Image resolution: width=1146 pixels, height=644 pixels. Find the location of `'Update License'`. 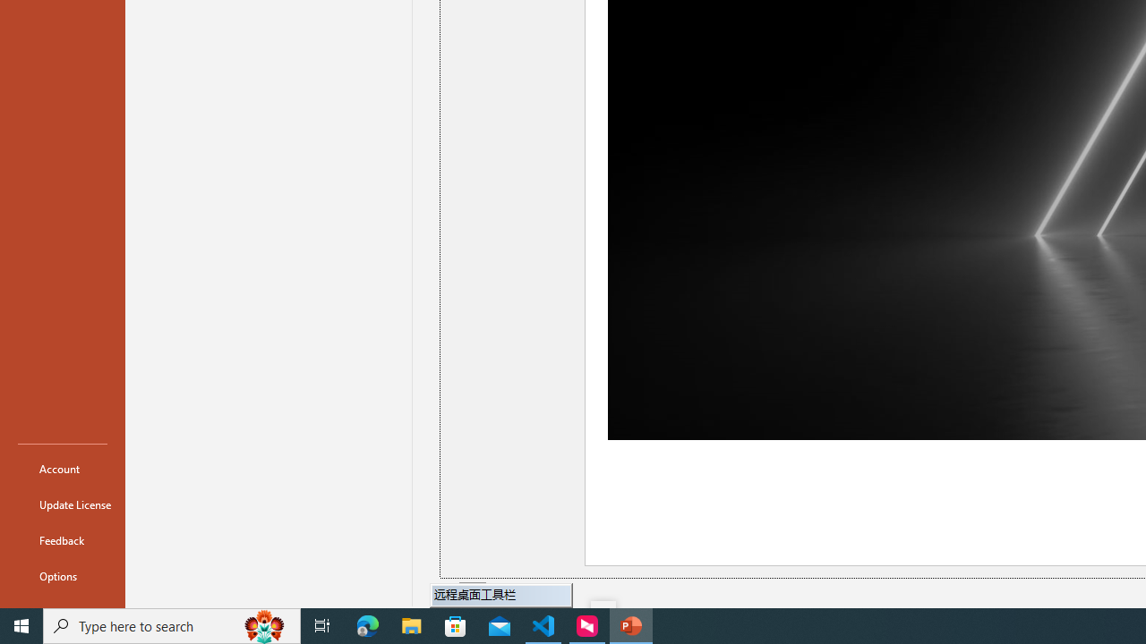

'Update License' is located at coordinates (62, 504).